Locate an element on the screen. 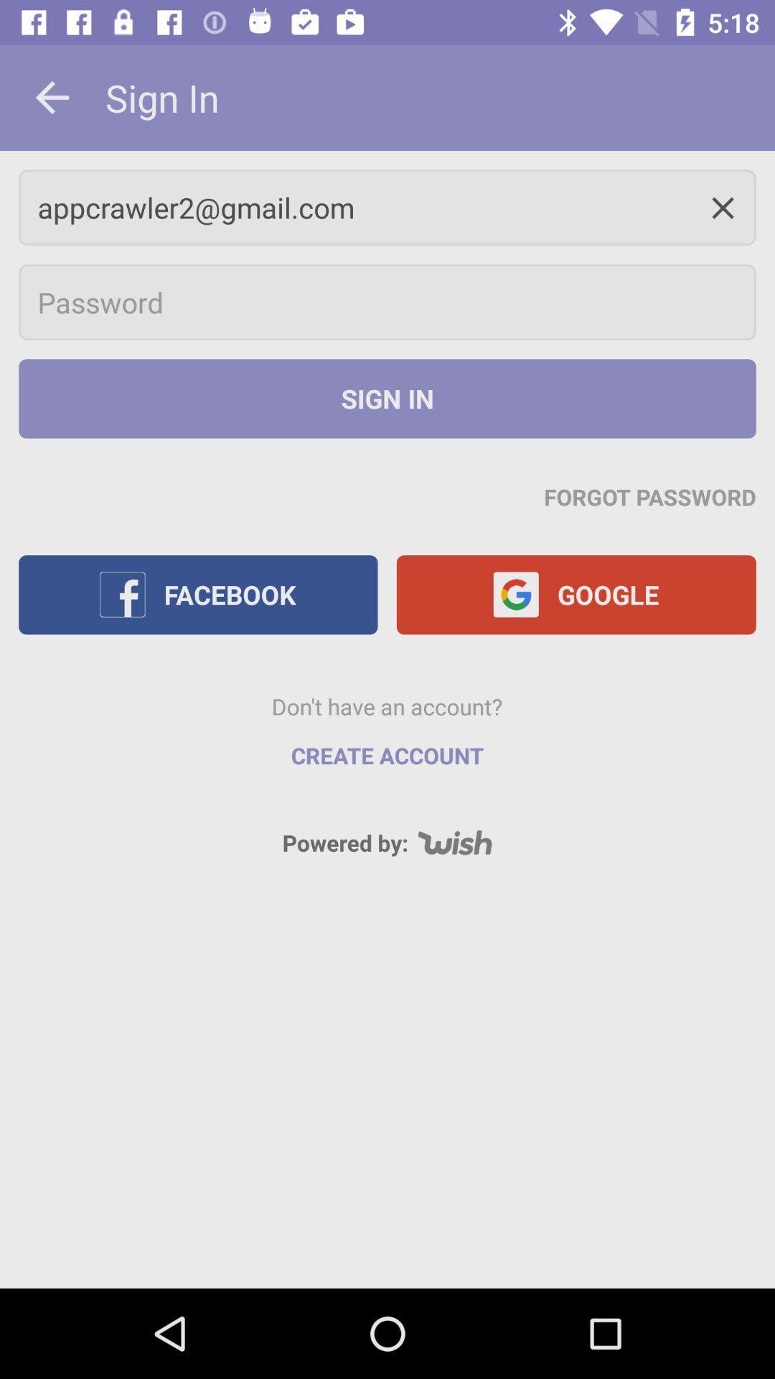 The image size is (775, 1379). password is located at coordinates (387, 302).